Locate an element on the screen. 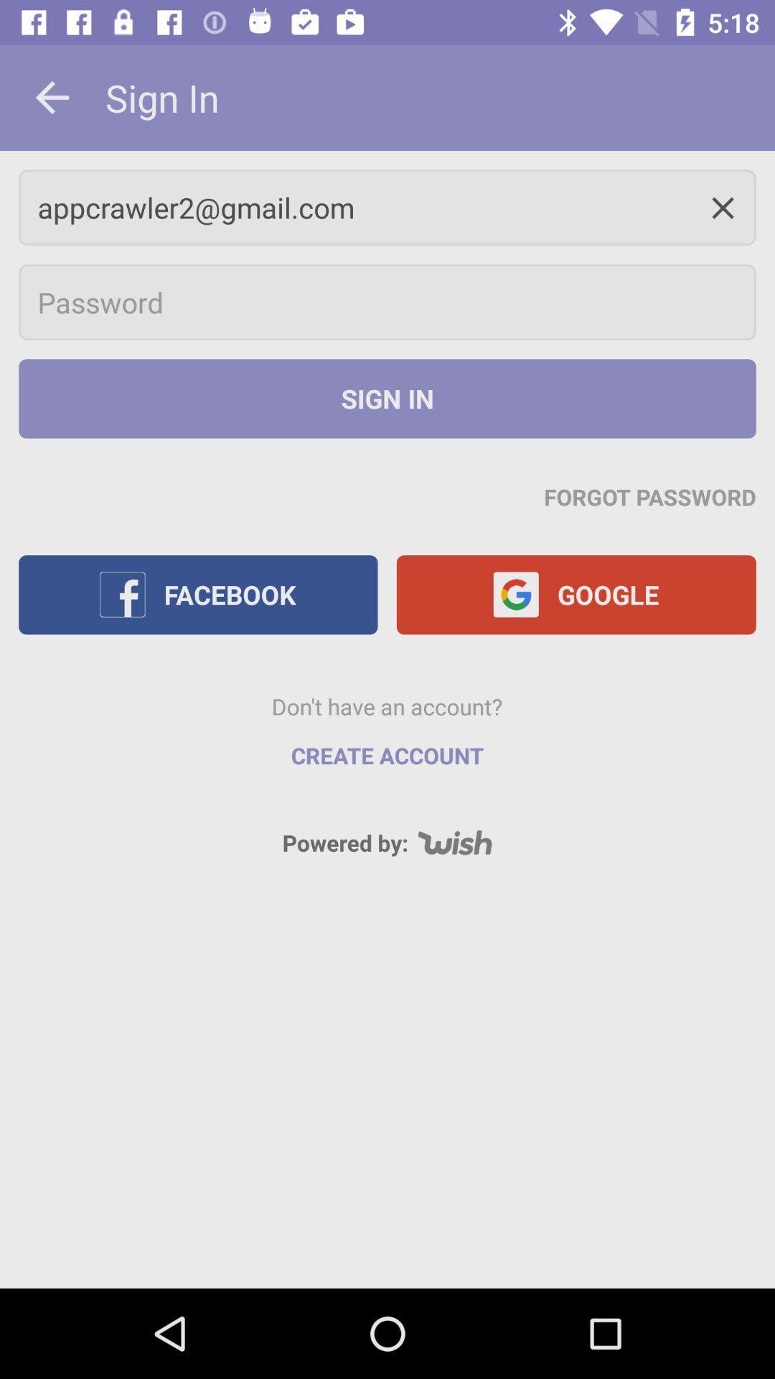 The image size is (775, 1379). password is located at coordinates (387, 302).